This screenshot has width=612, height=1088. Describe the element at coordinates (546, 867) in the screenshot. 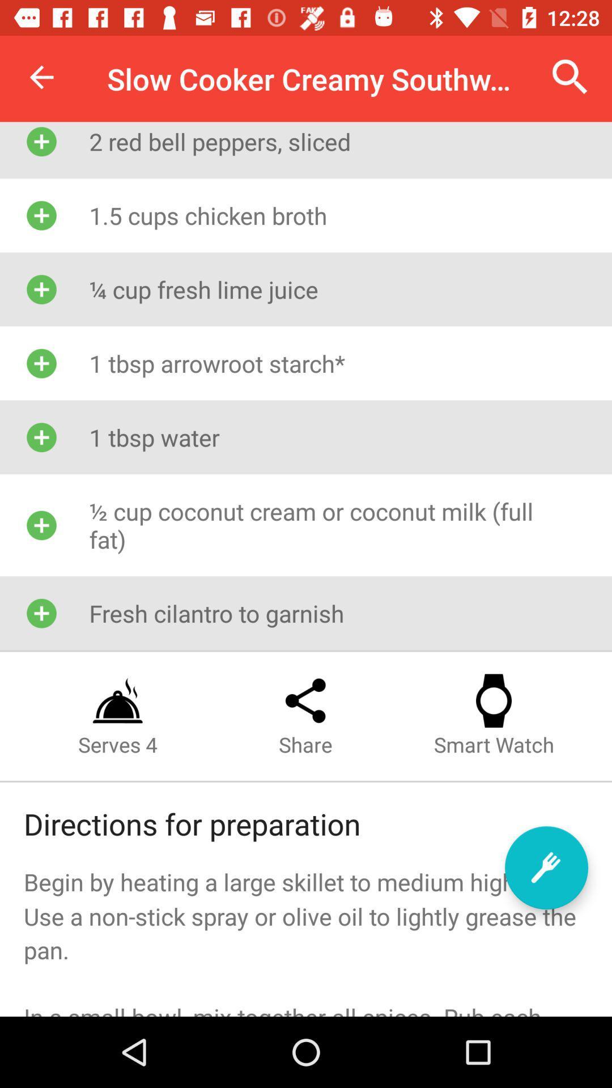

I see `tap to view picture` at that location.